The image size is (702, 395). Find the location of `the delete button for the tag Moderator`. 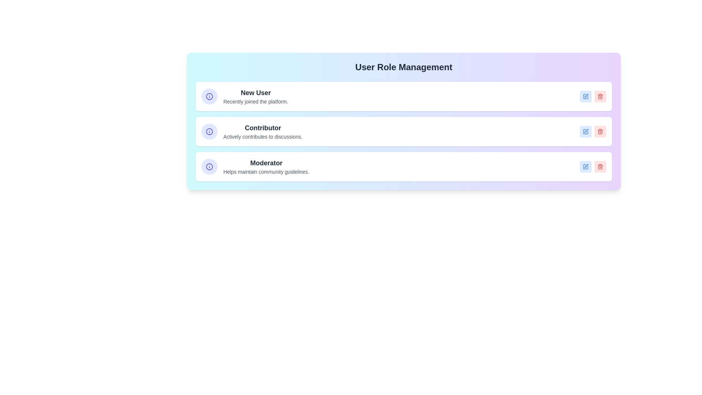

the delete button for the tag Moderator is located at coordinates (600, 166).